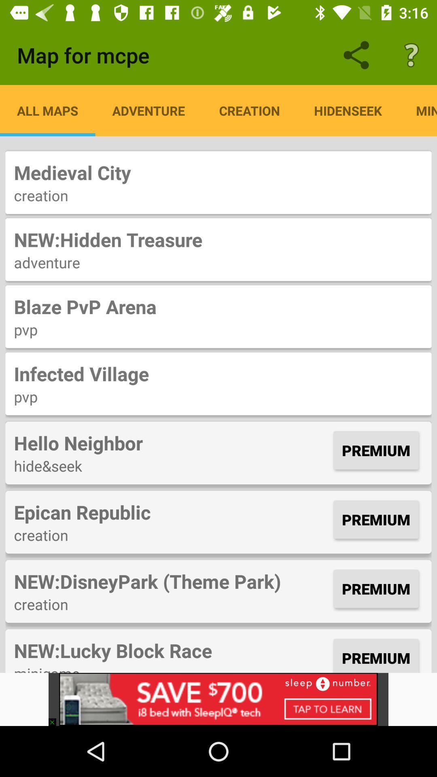  Describe the element at coordinates (348, 110) in the screenshot. I see `hidenseek item` at that location.